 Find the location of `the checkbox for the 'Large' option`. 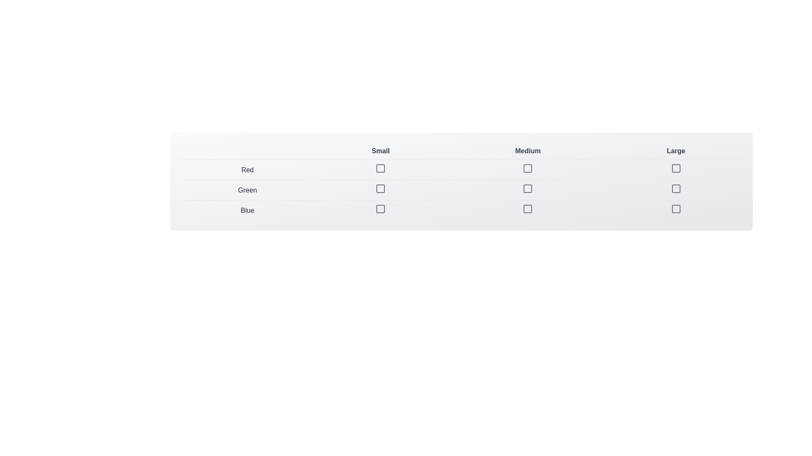

the checkbox for the 'Large' option is located at coordinates (675, 168).